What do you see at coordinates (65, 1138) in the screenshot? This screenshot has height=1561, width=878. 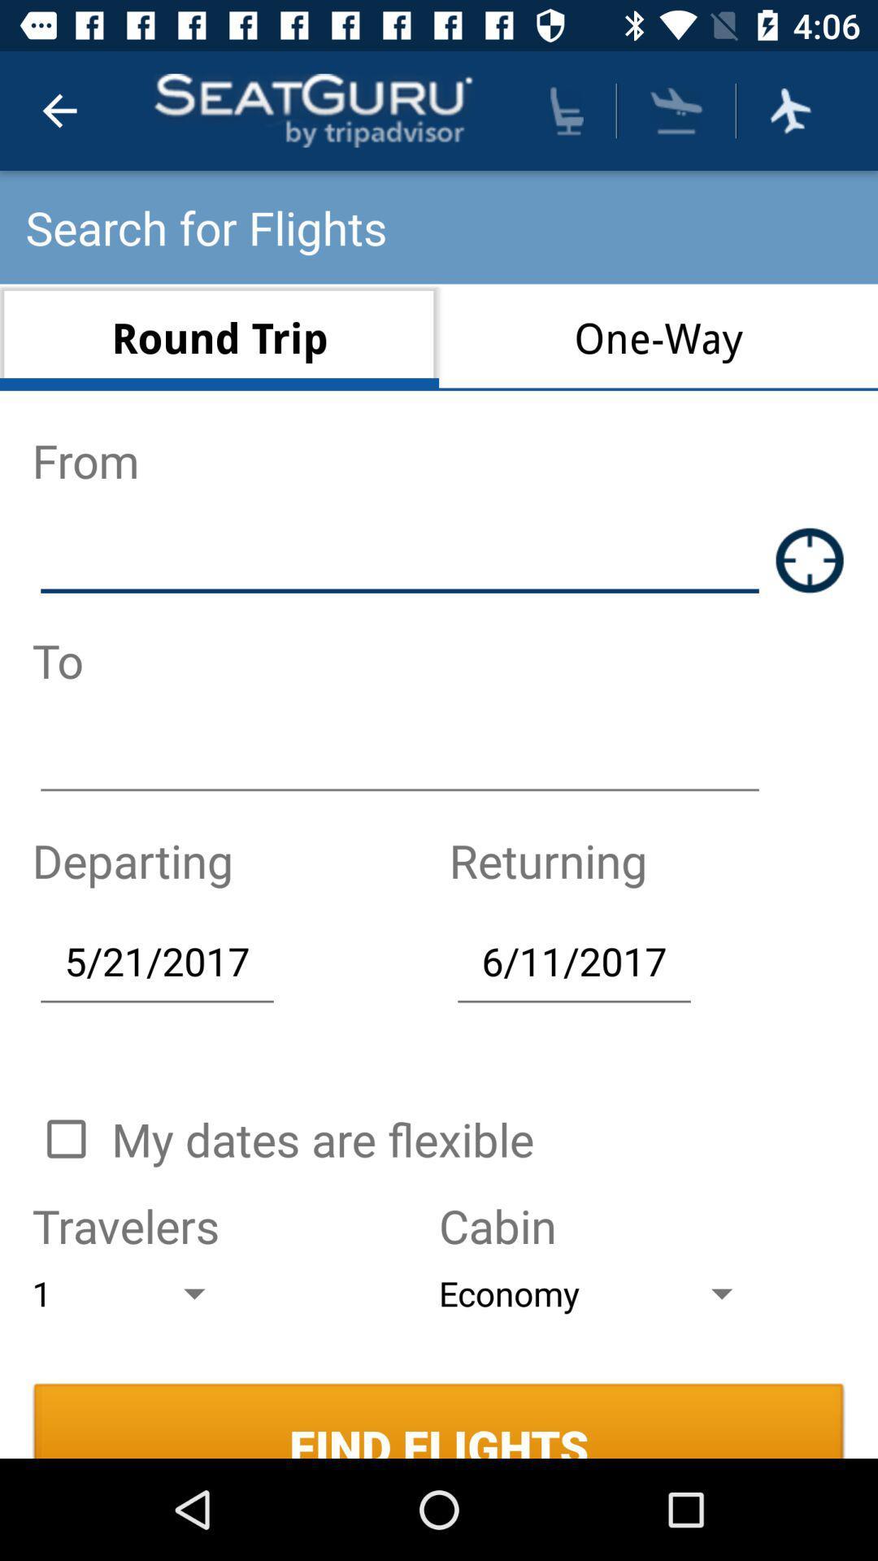 I see `button` at bounding box center [65, 1138].